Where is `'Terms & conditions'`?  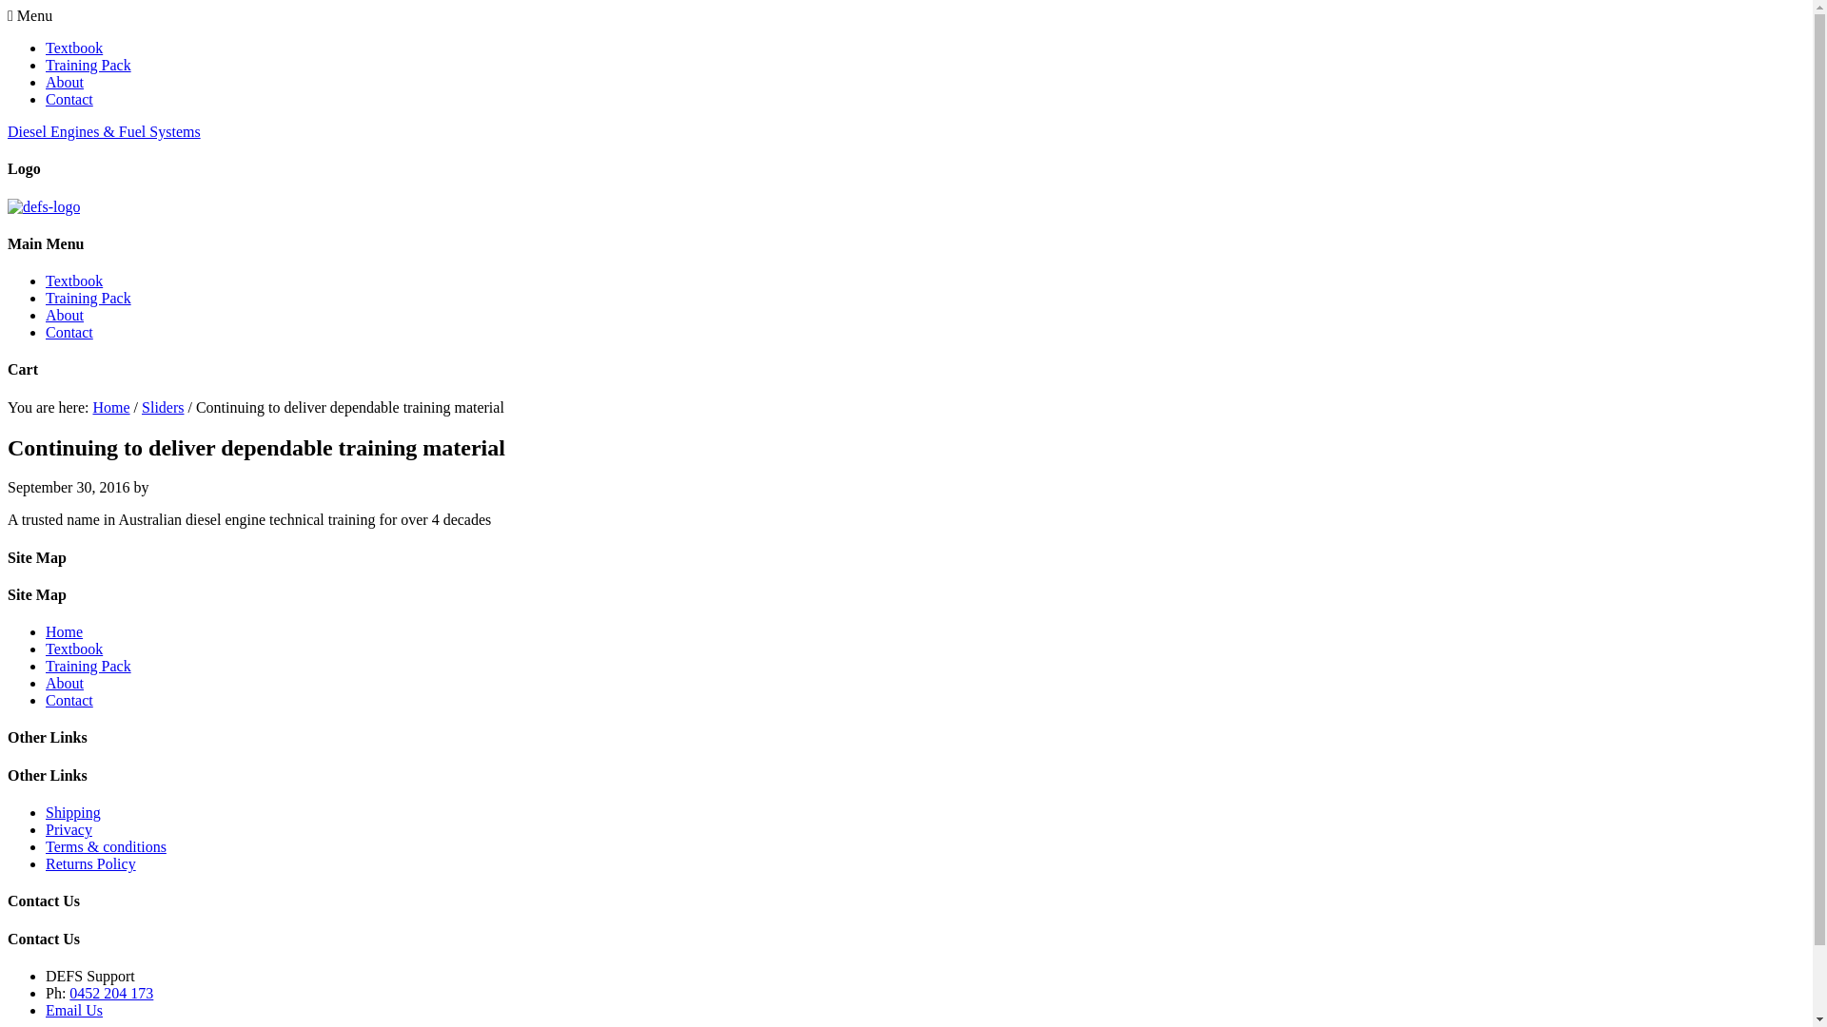
'Terms & conditions' is located at coordinates (46, 845).